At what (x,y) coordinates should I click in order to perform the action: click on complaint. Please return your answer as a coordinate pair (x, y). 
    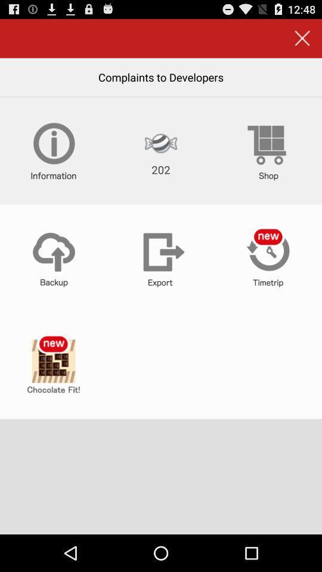
    Looking at the image, I should click on (53, 365).